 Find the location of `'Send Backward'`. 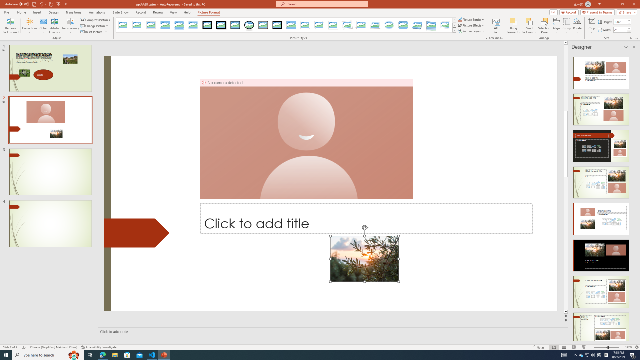

'Send Backward' is located at coordinates (529, 26).